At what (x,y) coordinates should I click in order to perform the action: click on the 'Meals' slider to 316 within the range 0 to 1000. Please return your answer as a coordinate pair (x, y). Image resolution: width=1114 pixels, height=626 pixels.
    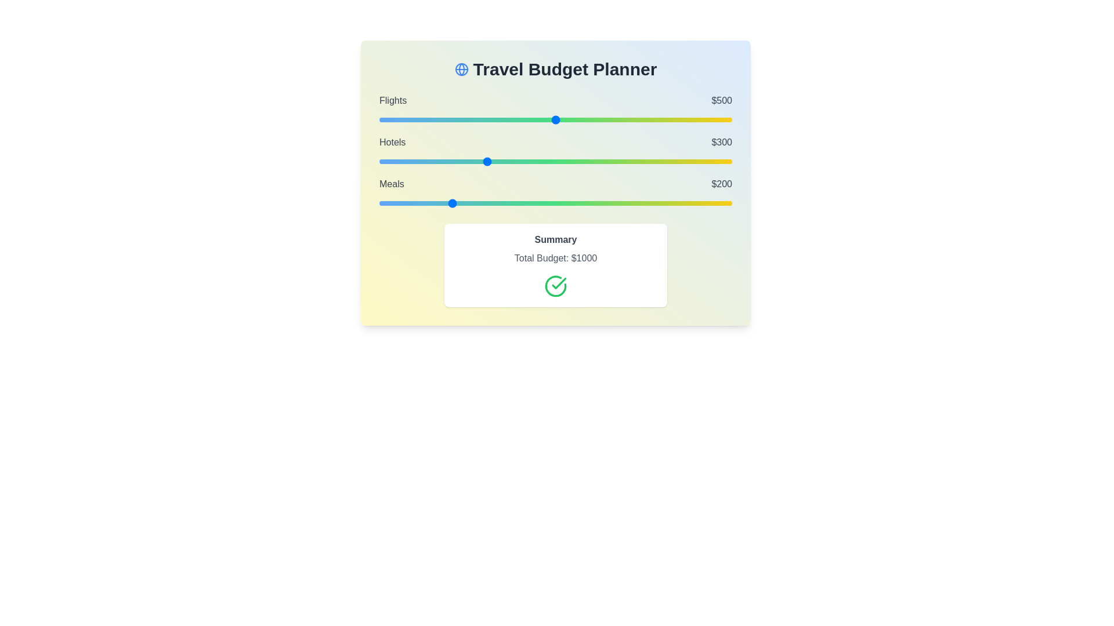
    Looking at the image, I should click on (491, 203).